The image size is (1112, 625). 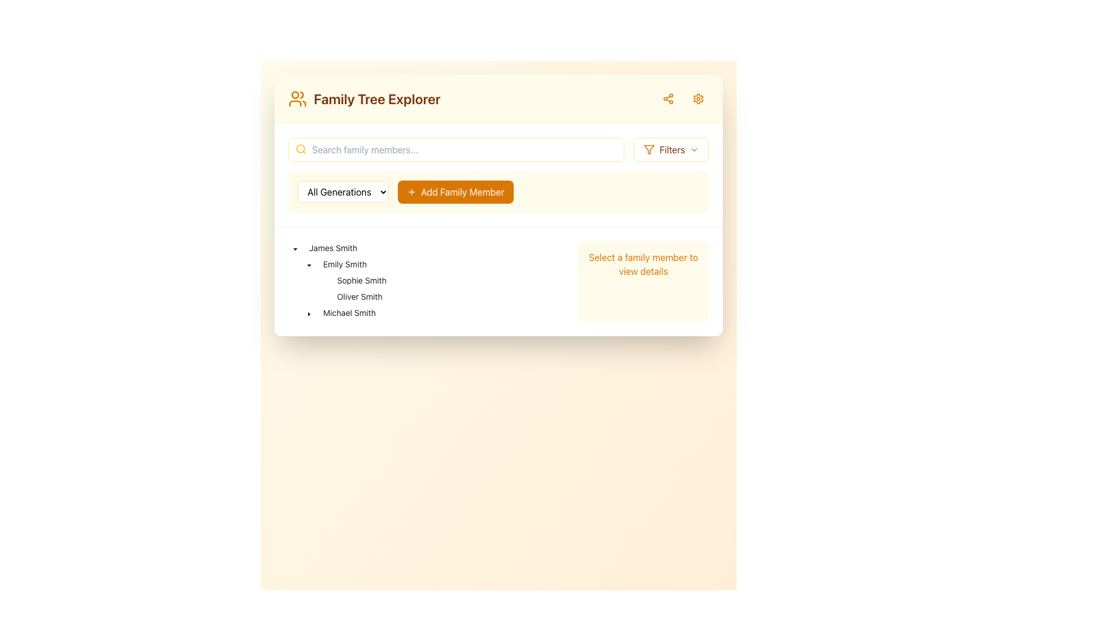 I want to click on the label displaying the name 'Emily Smith', which is a subitem under 'James Smith' in a hierarchical list, so click(x=344, y=264).